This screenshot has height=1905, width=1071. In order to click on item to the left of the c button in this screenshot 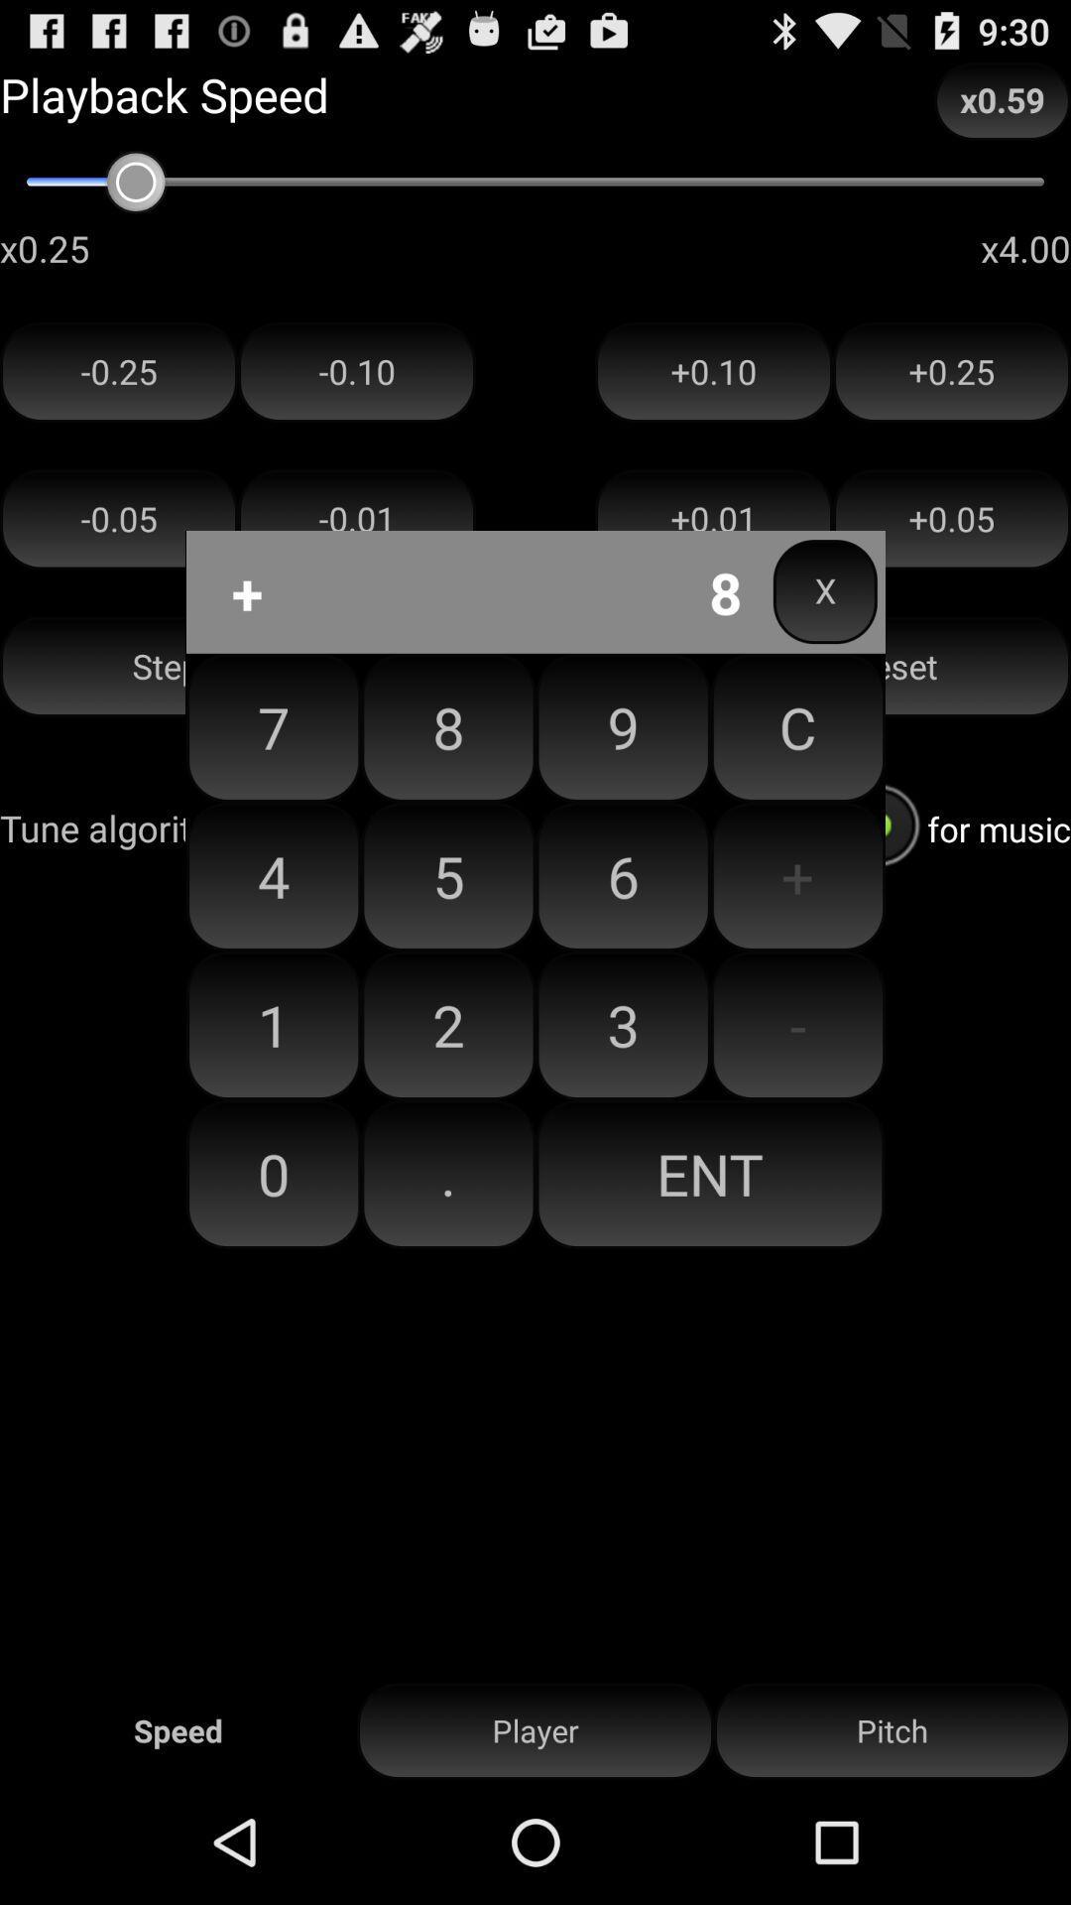, I will do `click(622, 875)`.